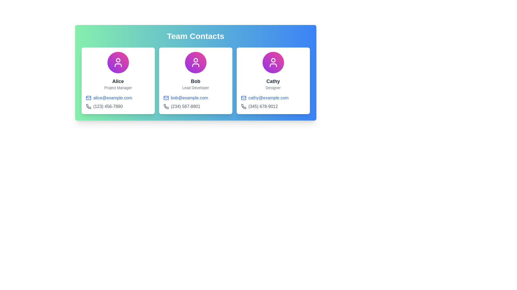 This screenshot has height=290, width=517. Describe the element at coordinates (108, 107) in the screenshot. I see `contact phone number of 'Alice' displayed in the Text Label located below 'alice@example.com' and to the right of the phone icon` at that location.